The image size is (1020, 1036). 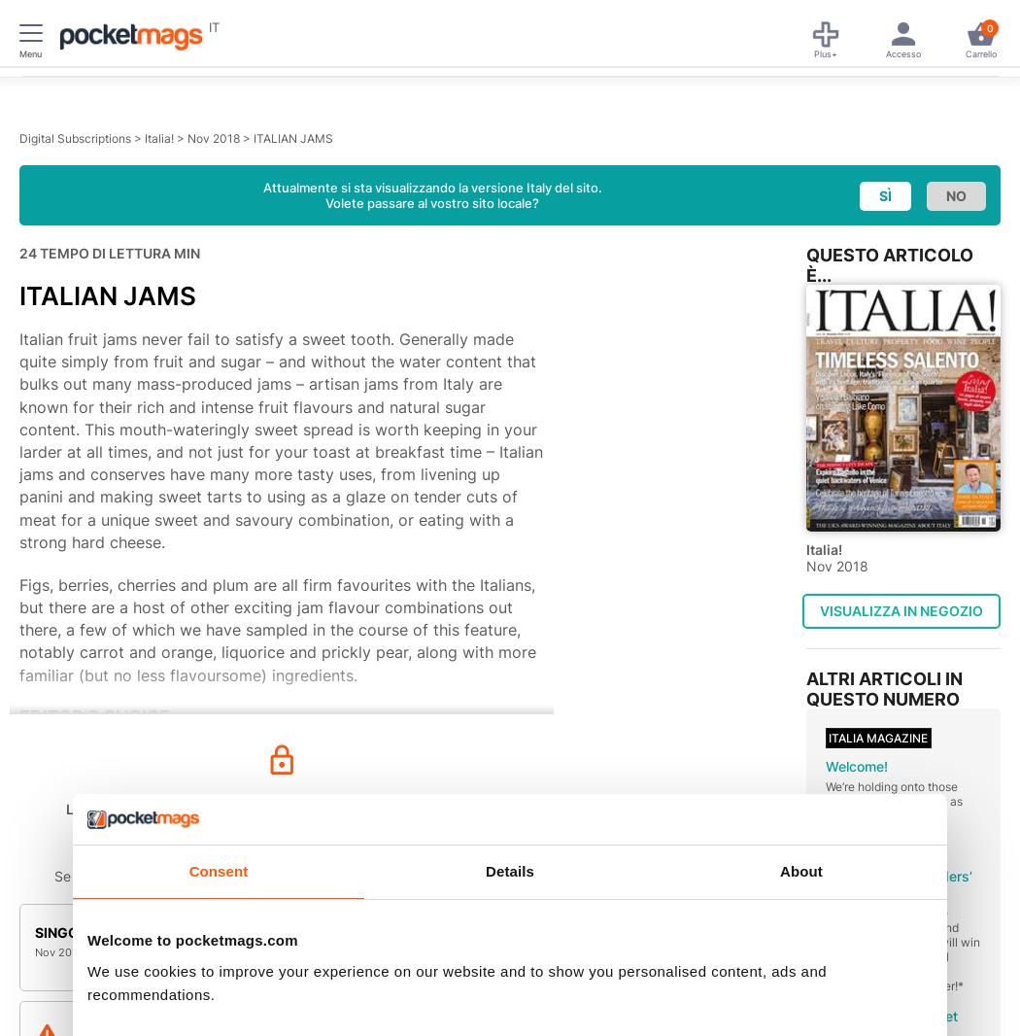 What do you see at coordinates (208, 26) in the screenshot?
I see `'IT'` at bounding box center [208, 26].